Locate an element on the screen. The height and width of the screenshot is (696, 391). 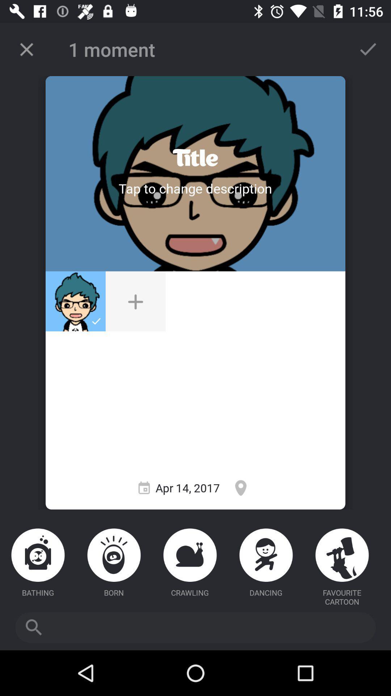
cancel note is located at coordinates (26, 49).